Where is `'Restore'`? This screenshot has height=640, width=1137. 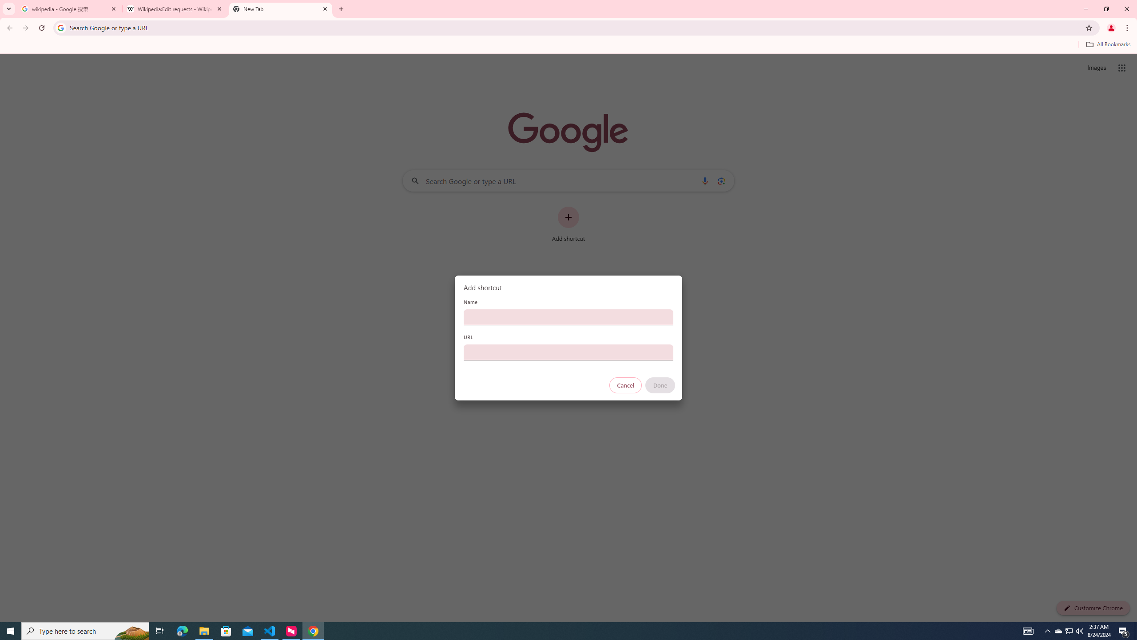
'Restore' is located at coordinates (1106, 8).